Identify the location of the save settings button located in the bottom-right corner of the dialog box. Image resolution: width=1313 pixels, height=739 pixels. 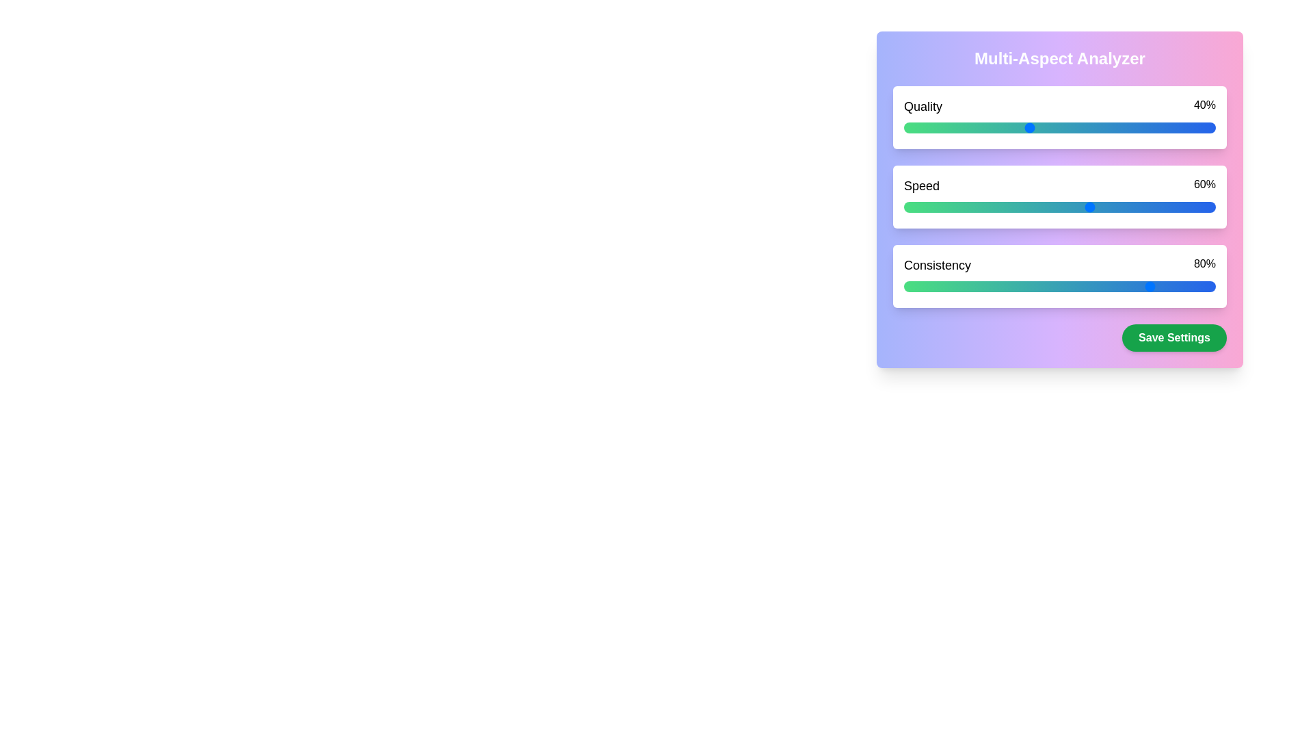
(1173, 337).